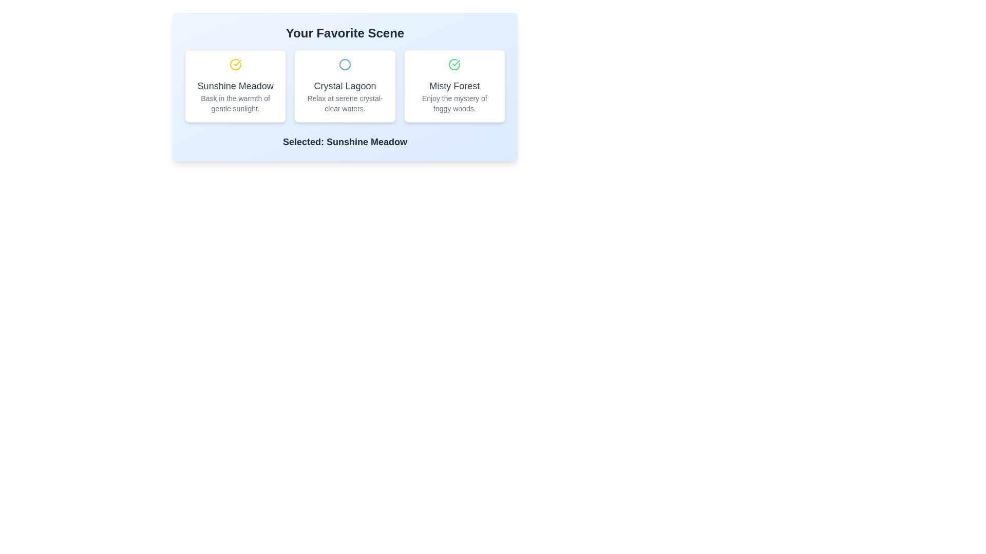 This screenshot has width=986, height=554. Describe the element at coordinates (454, 103) in the screenshot. I see `descriptive text located at the bottom of the 'Misty Forest' card, which provides additional context about the selection` at that location.